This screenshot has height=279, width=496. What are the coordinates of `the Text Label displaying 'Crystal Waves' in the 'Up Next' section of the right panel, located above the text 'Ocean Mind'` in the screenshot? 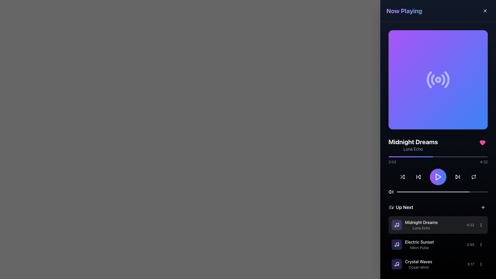 It's located at (419, 262).